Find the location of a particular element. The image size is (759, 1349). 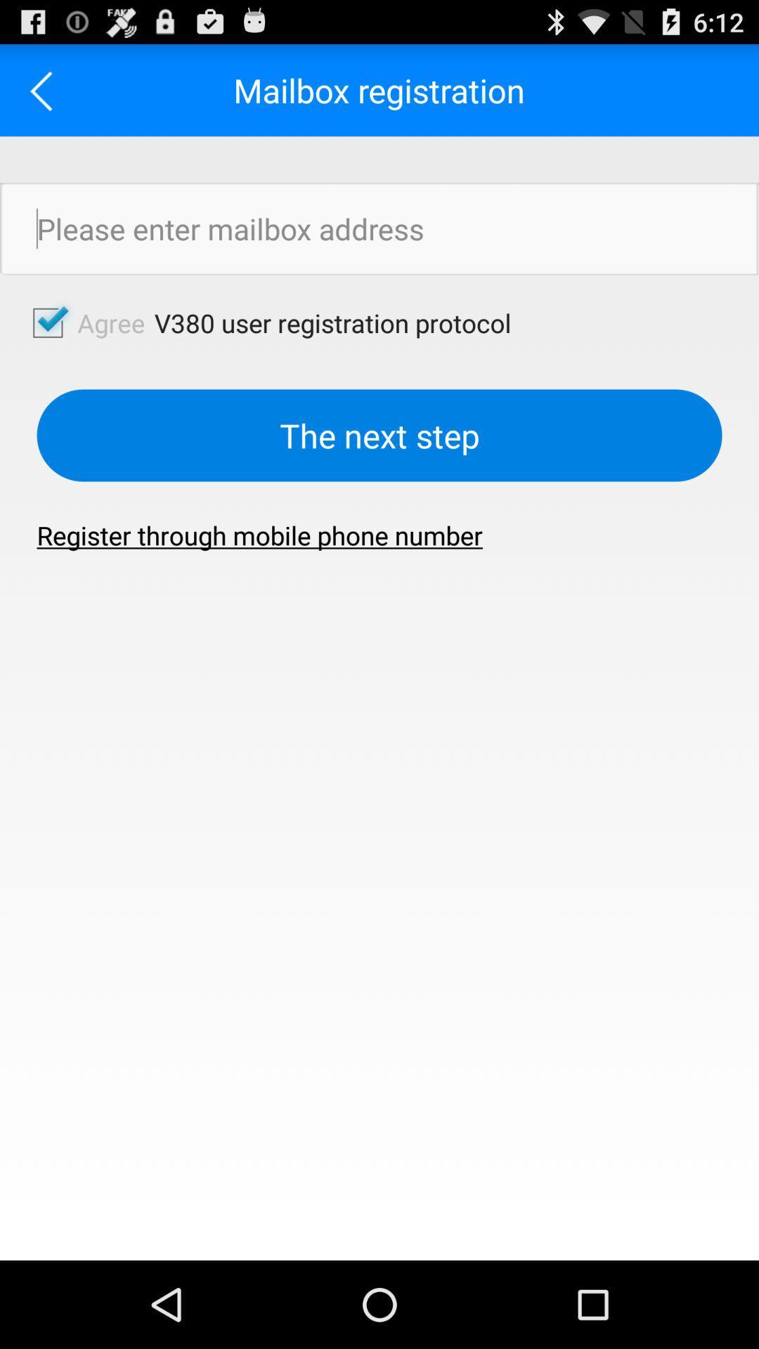

agree to terms is located at coordinates (47, 322).